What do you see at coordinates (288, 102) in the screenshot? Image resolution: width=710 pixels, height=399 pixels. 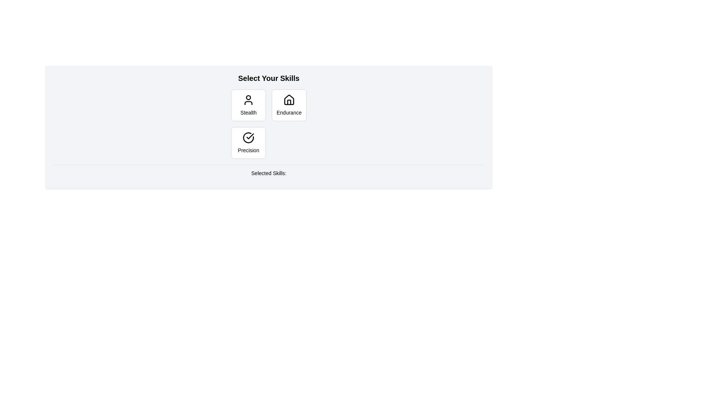 I see `the narrow rectangular vertical bar representing the 'Endurance' skill option in the SVG icon of the house, which is the second button in the skill options` at bounding box center [288, 102].